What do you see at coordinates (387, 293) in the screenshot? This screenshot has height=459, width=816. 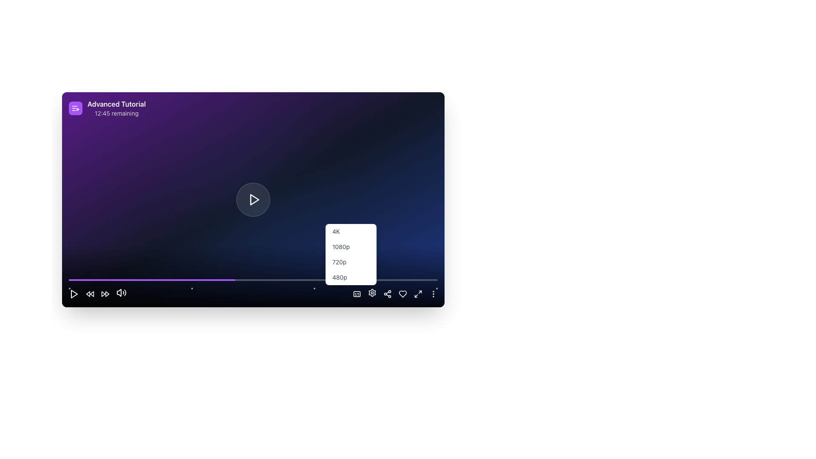 I see `the share icon button, which features a triangular arrangement of circles connected by lines` at bounding box center [387, 293].